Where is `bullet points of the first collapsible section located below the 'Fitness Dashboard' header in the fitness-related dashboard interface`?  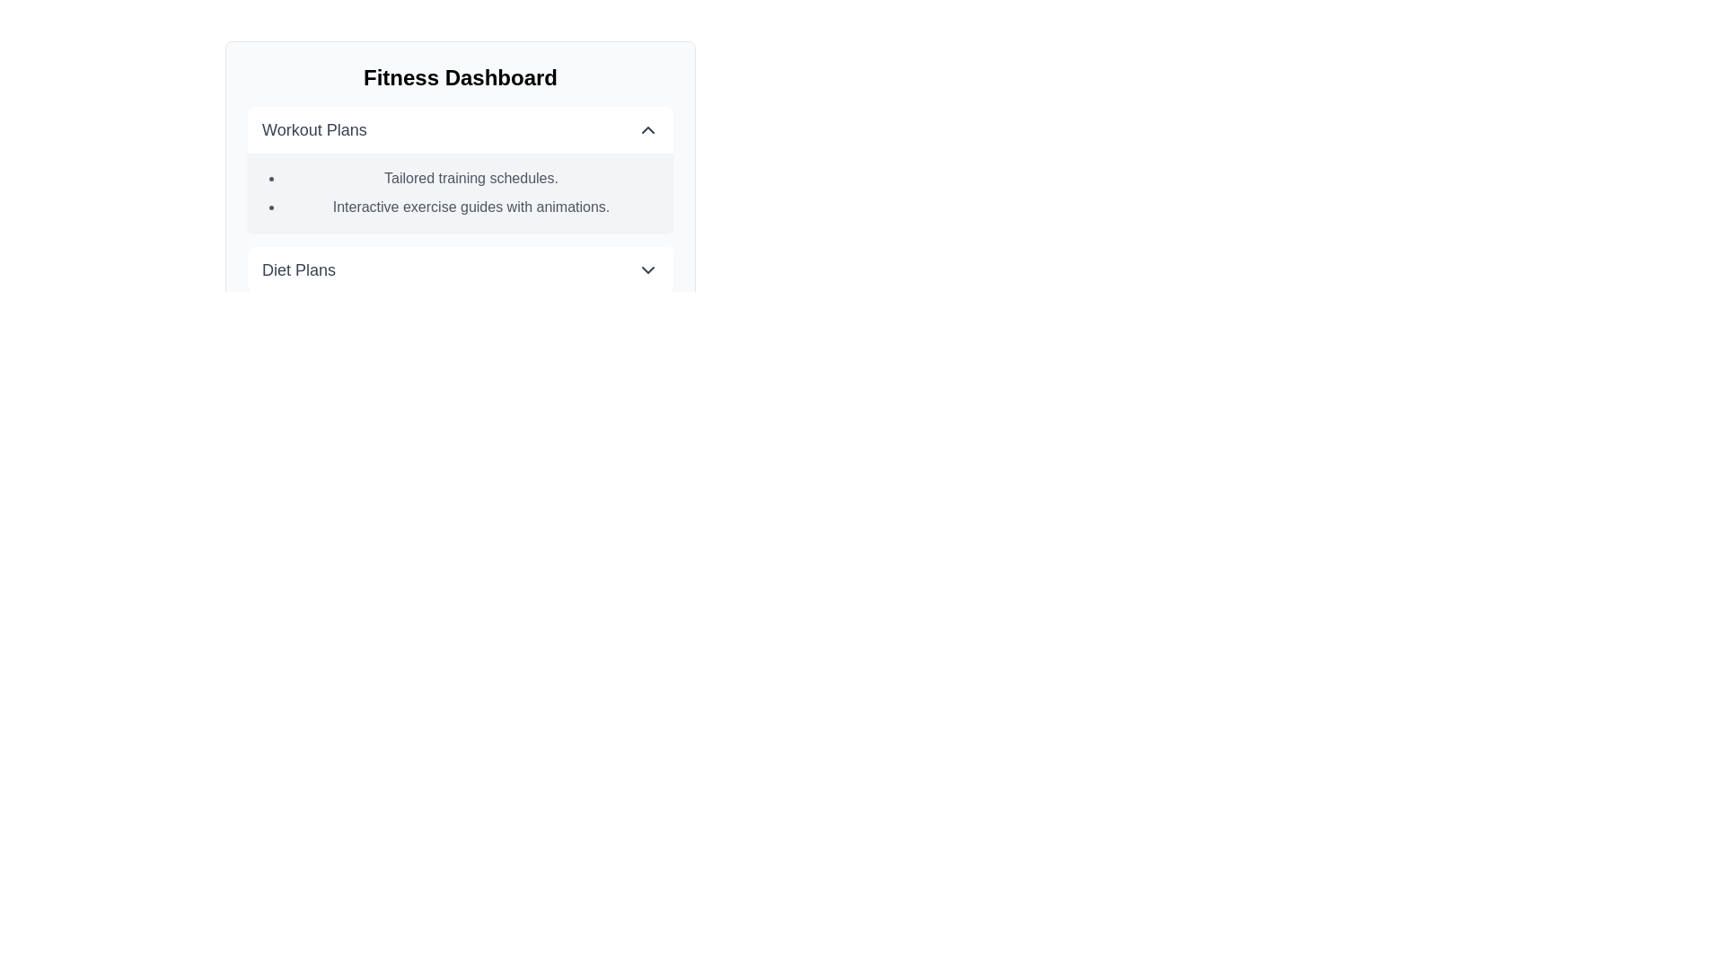
bullet points of the first collapsible section located below the 'Fitness Dashboard' header in the fitness-related dashboard interface is located at coordinates (461, 170).